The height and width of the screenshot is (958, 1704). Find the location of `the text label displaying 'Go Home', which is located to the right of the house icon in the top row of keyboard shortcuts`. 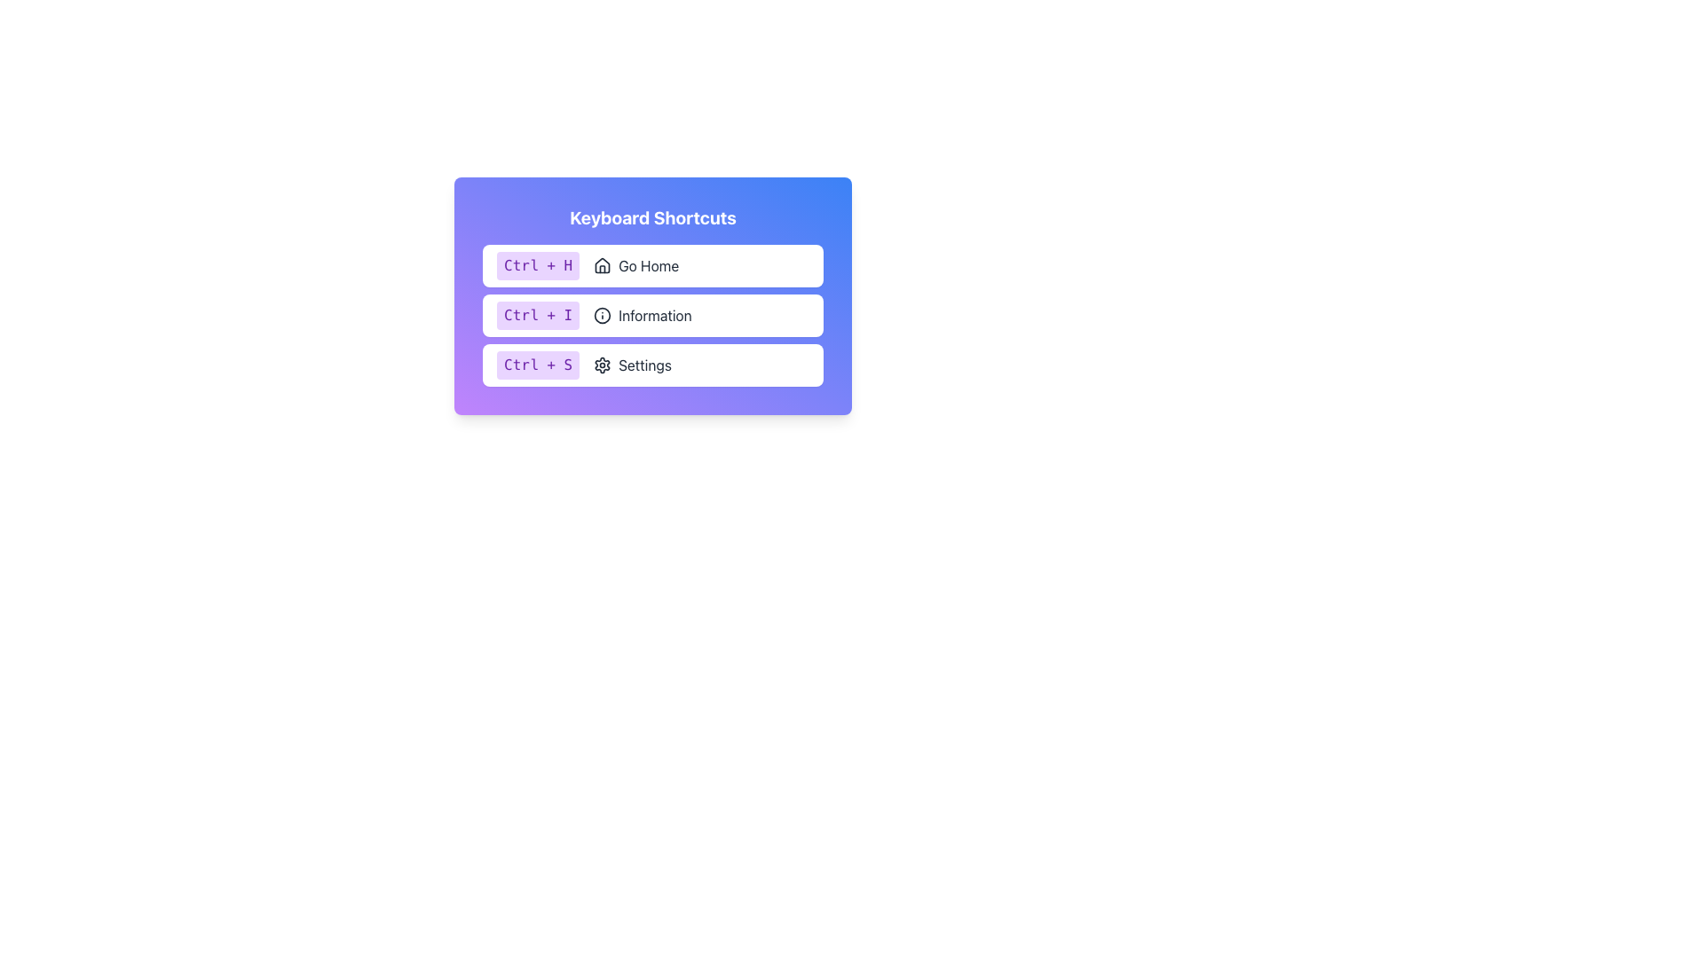

the text label displaying 'Go Home', which is located to the right of the house icon in the top row of keyboard shortcuts is located at coordinates (648, 266).